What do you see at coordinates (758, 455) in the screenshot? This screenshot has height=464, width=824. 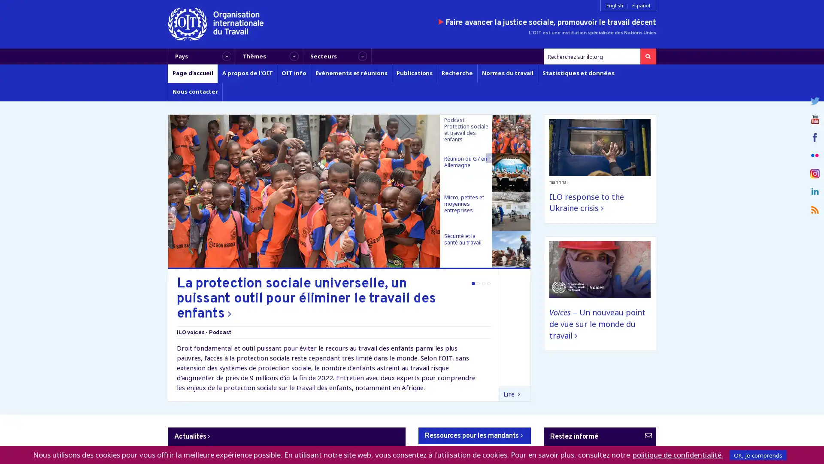 I see `OK, je comprends` at bounding box center [758, 455].